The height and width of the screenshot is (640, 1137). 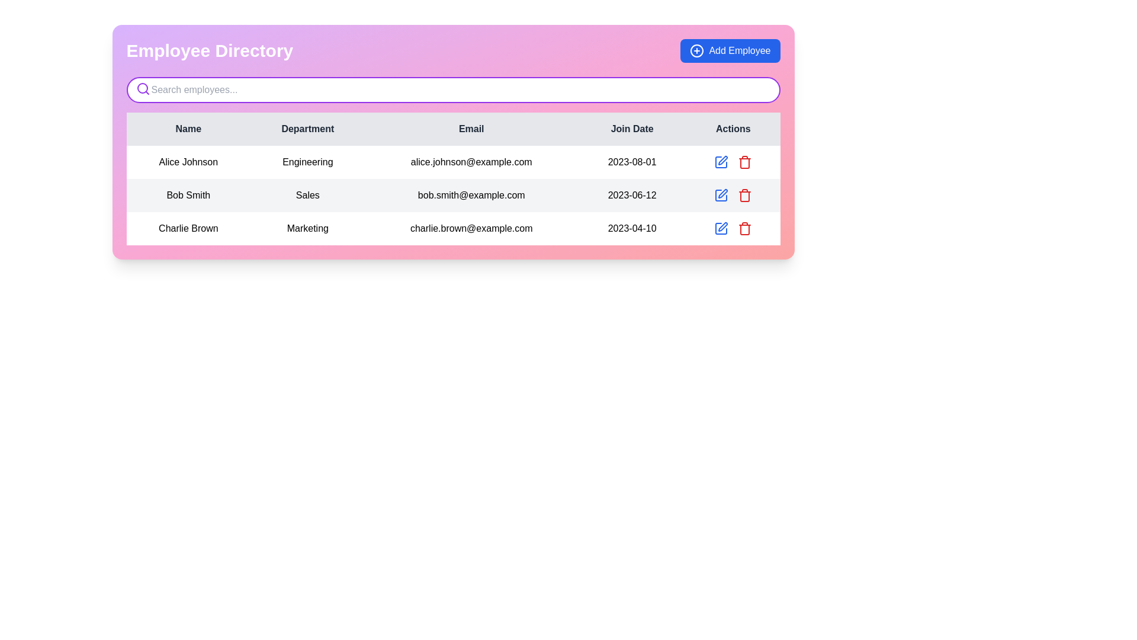 I want to click on the table cell displaying 'Sales', located in the second row and second column of the table, between 'Bob Smith' and 'bob.smith@example.com', so click(x=307, y=195).